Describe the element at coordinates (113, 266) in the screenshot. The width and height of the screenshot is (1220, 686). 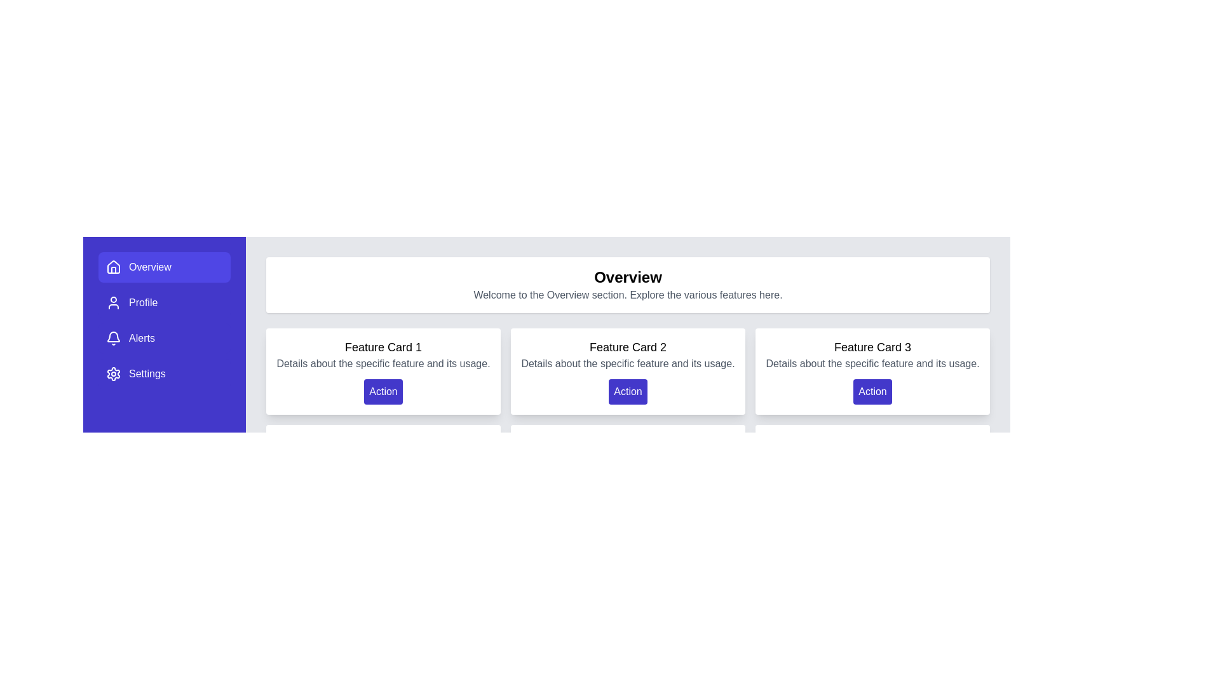
I see `the house-shaped icon in white color located in the sidebar menu` at that location.